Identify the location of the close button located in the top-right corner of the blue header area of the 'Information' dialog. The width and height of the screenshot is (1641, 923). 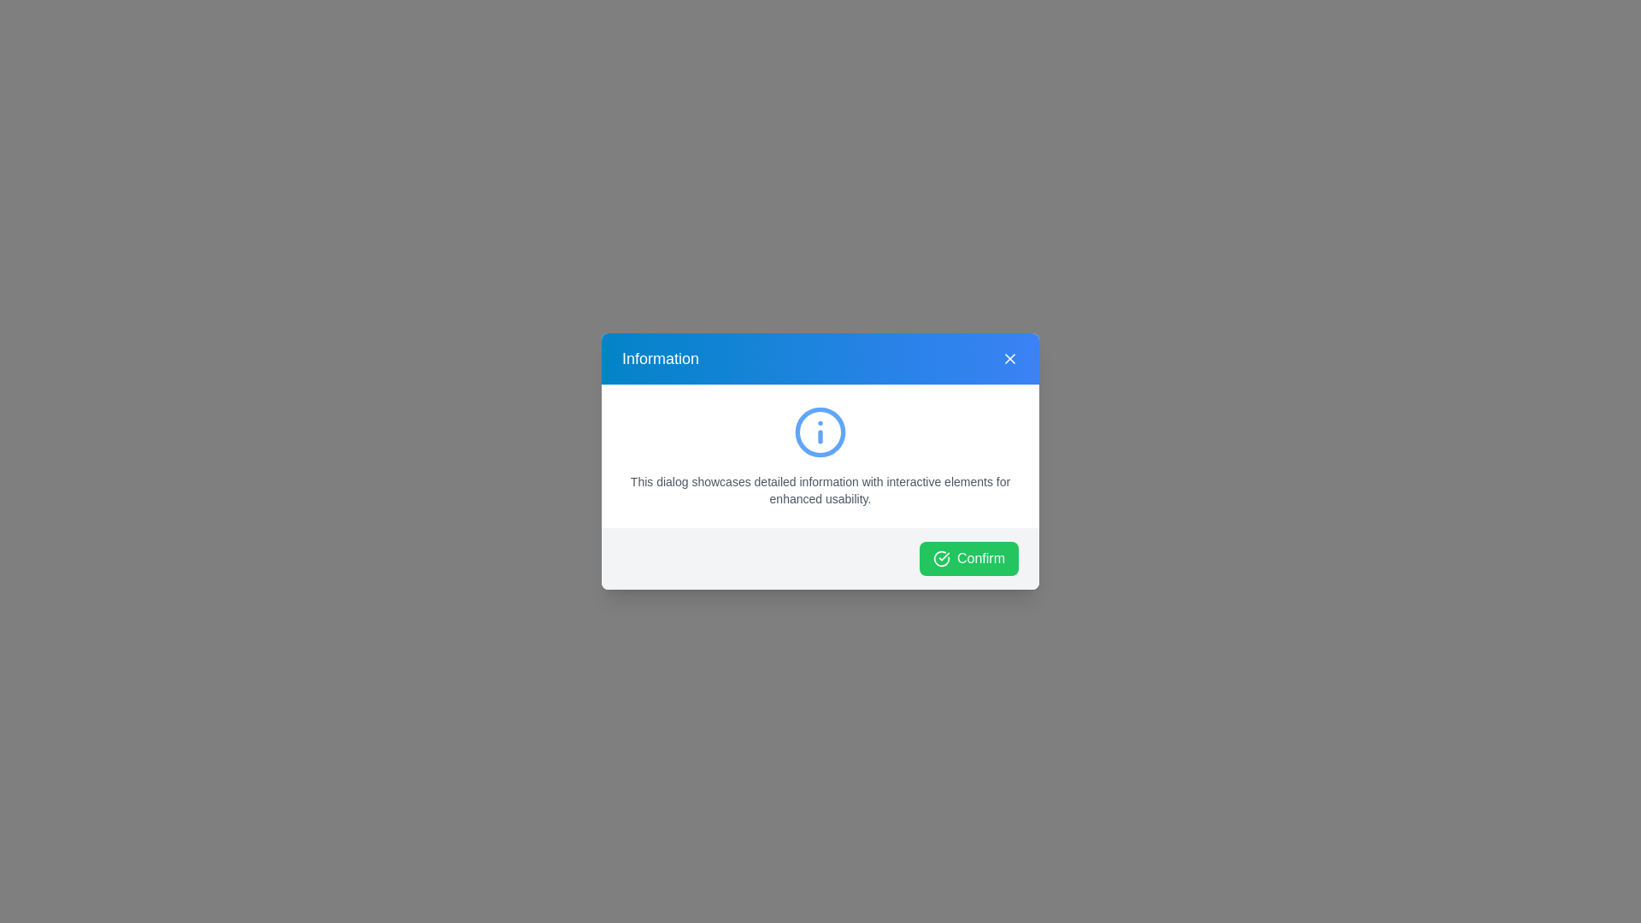
(1009, 358).